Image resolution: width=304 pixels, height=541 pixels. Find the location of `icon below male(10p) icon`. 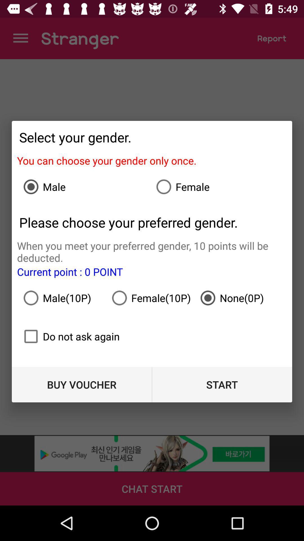

icon below male(10p) icon is located at coordinates (69, 336).